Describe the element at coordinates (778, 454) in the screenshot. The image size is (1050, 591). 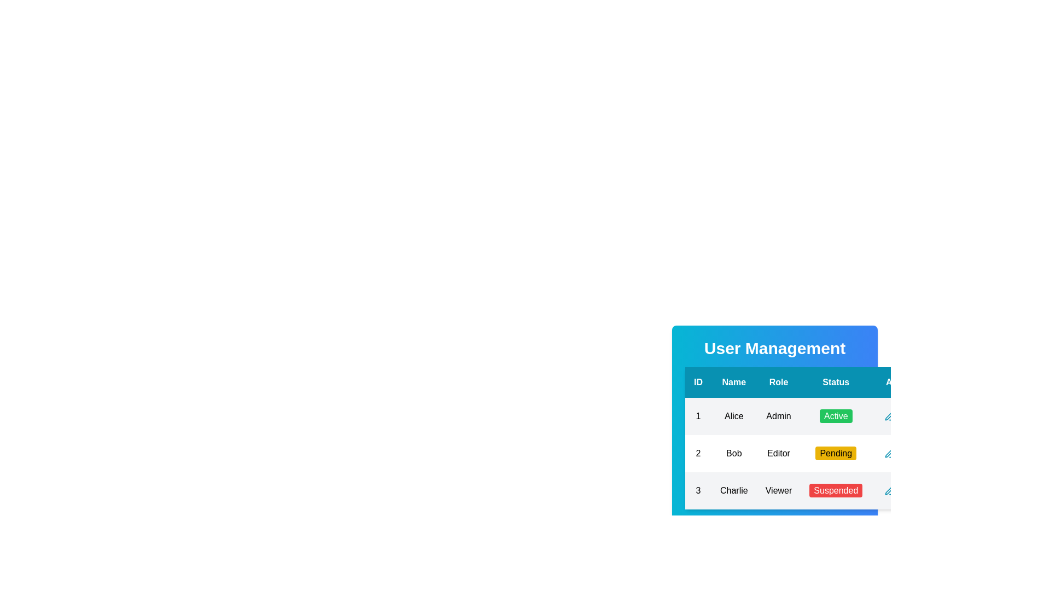
I see `the 'Editor' text label in the 'User Management' table, located in the third column of the second row` at that location.